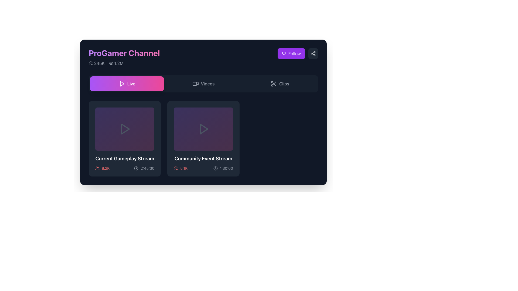  Describe the element at coordinates (136, 168) in the screenshot. I see `the clock icon that indicates the time duration of '2:45:30', located to the left of the time text within the lower section of the livestream card` at that location.